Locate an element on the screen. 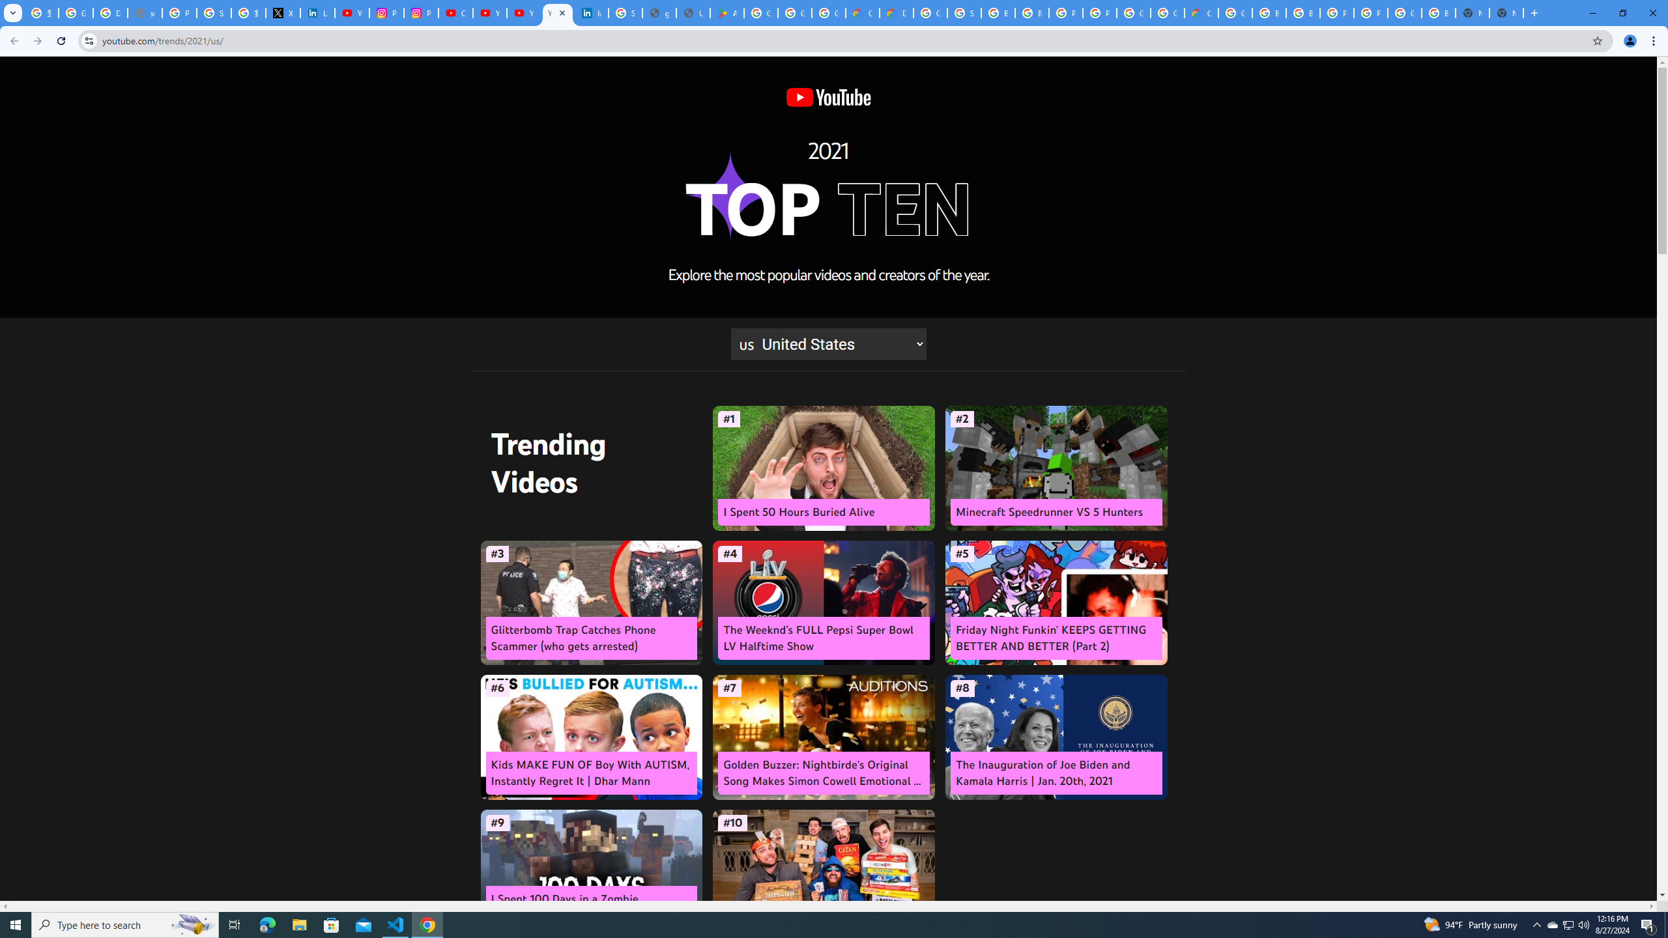 Image resolution: width=1668 pixels, height=938 pixels. 'New Tab' is located at coordinates (1506, 12).